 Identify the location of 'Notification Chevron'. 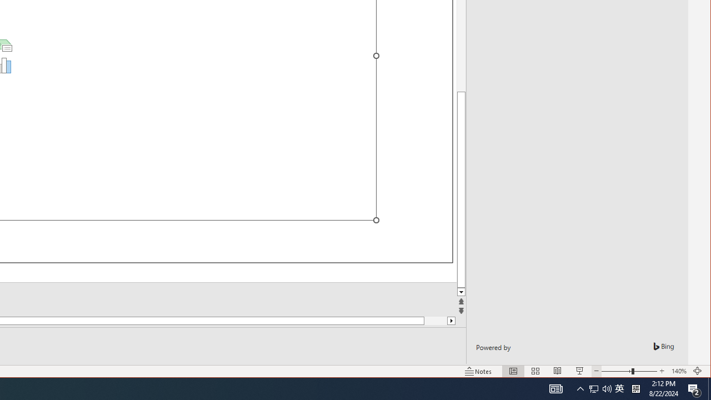
(580, 388).